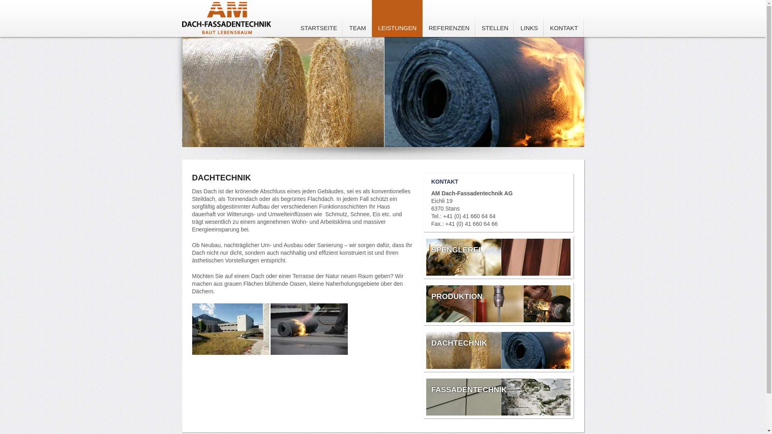 The image size is (772, 434). What do you see at coordinates (318, 18) in the screenshot?
I see `'STARTSEITE'` at bounding box center [318, 18].